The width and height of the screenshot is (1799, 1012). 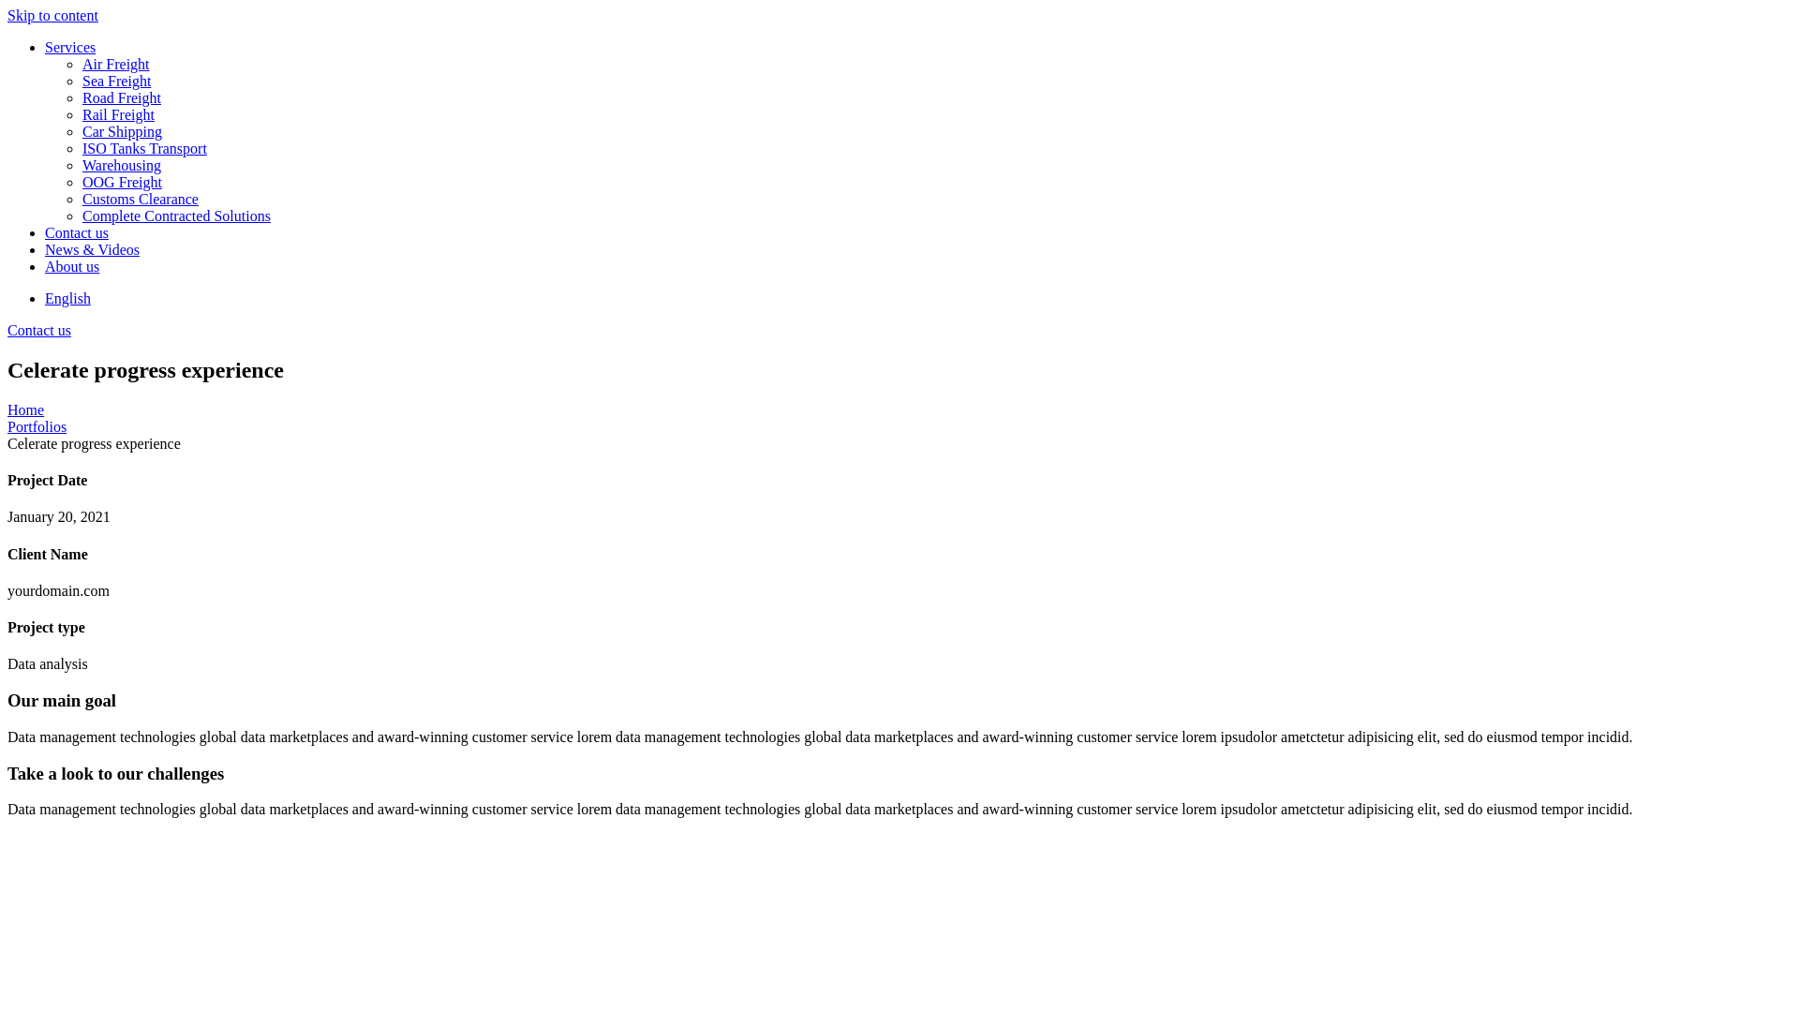 What do you see at coordinates (67, 297) in the screenshot?
I see `'English'` at bounding box center [67, 297].